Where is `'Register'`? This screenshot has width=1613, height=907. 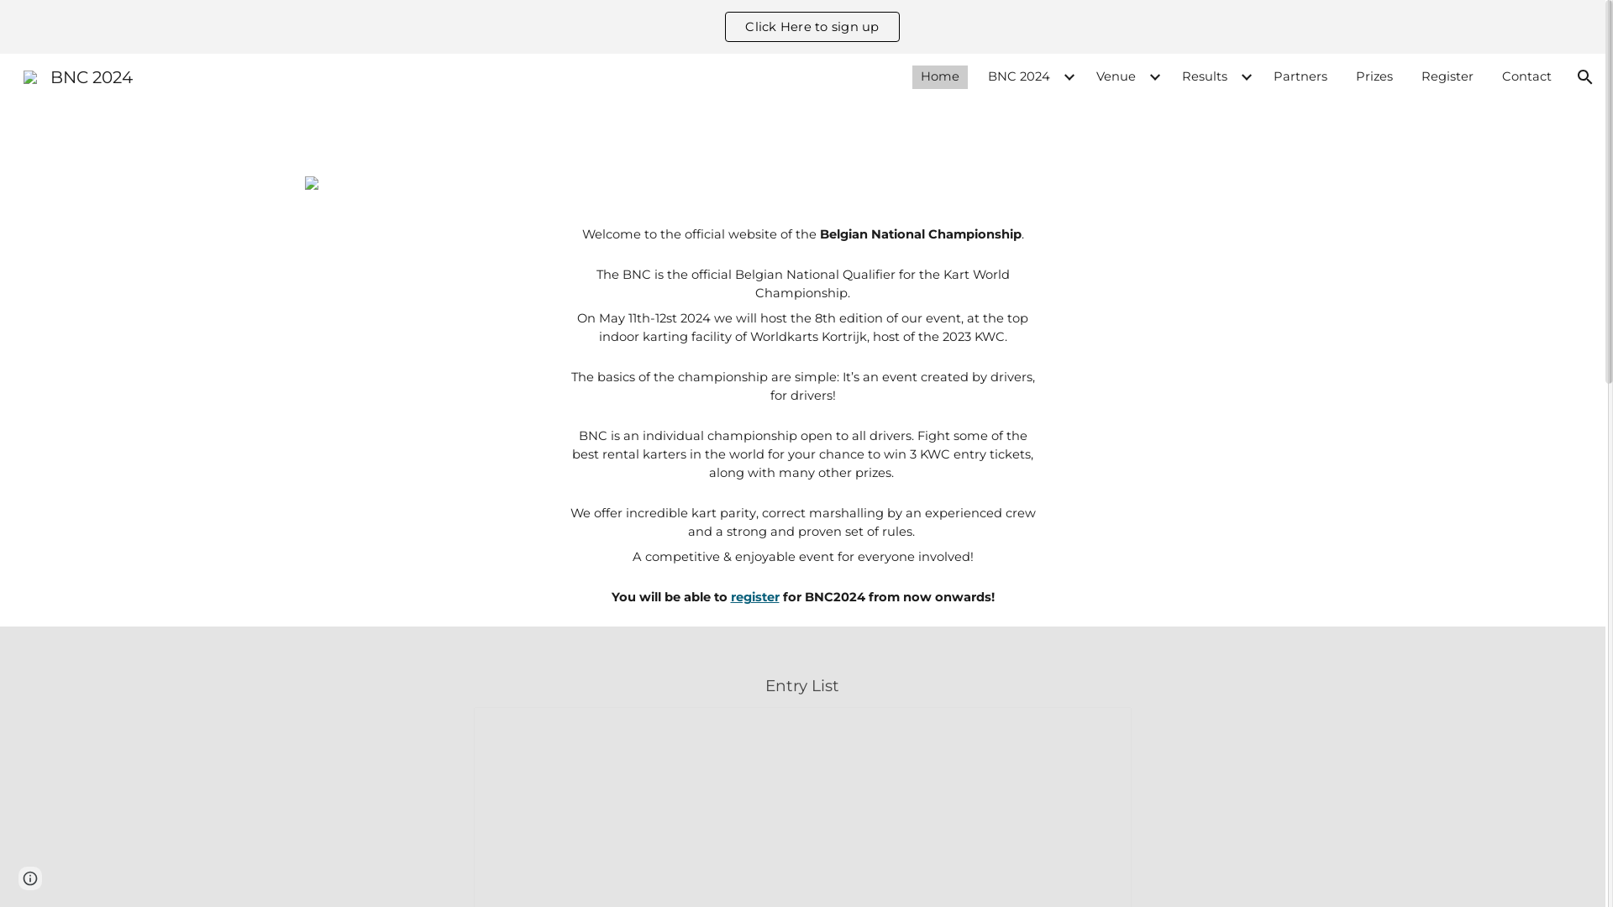
'Register' is located at coordinates (1447, 77).